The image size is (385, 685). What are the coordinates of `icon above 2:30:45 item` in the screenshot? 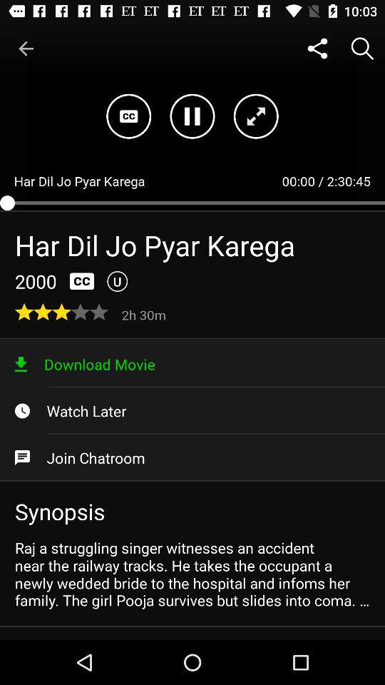 It's located at (362, 49).